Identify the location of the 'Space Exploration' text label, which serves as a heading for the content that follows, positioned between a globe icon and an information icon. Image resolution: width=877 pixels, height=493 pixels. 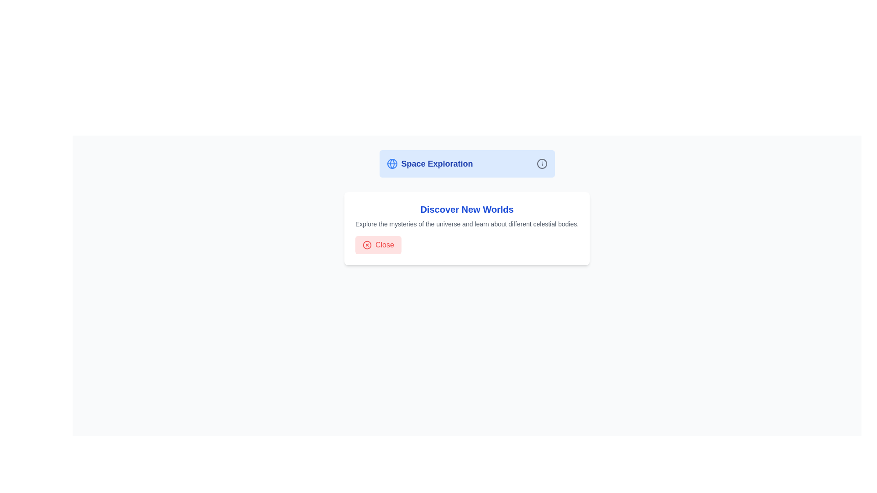
(436, 163).